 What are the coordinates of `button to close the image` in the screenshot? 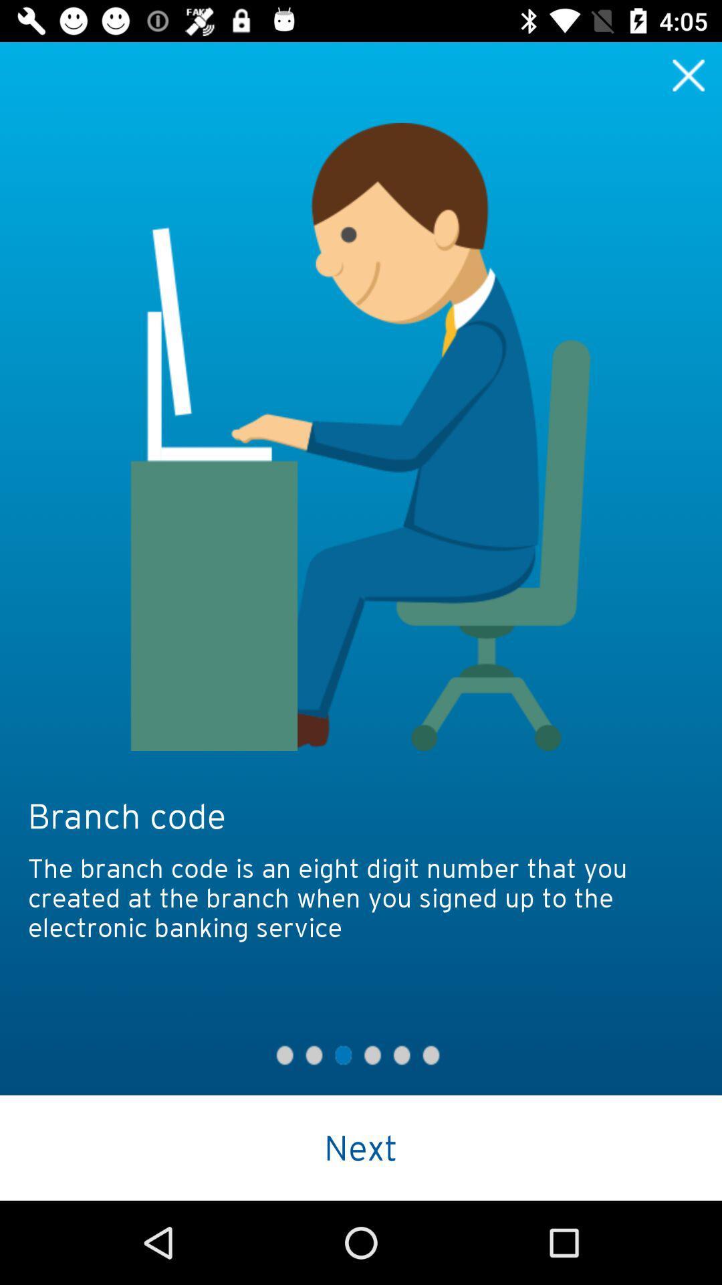 It's located at (689, 74).